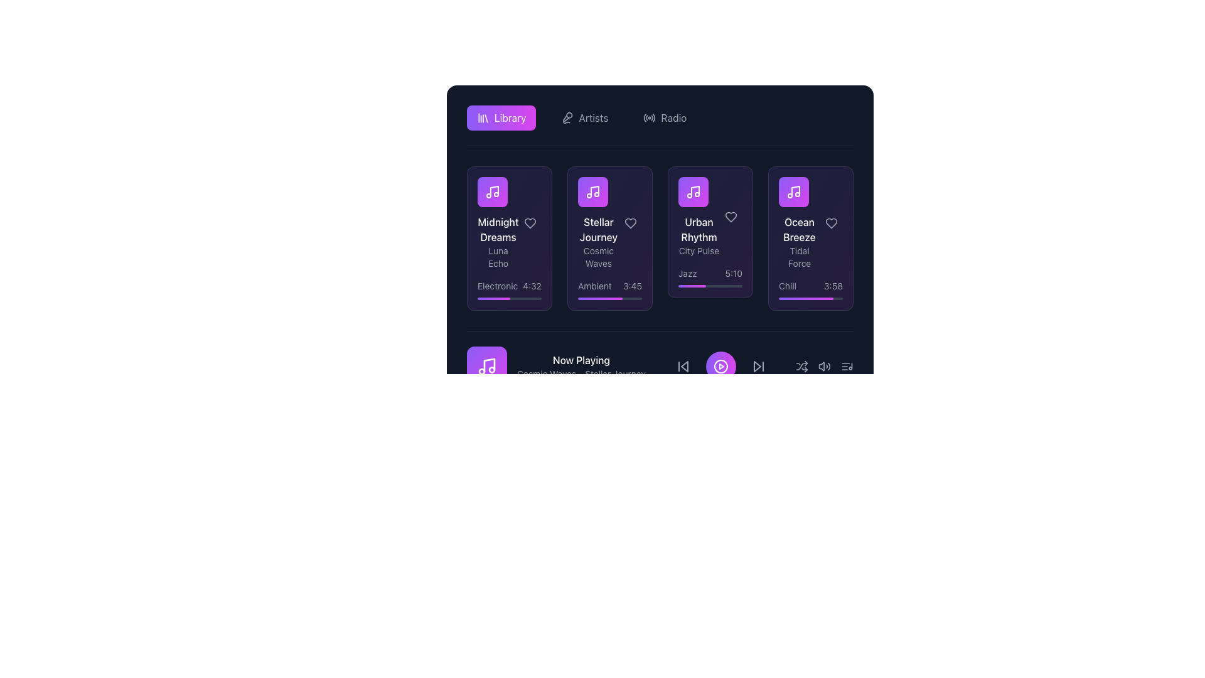 This screenshot has height=678, width=1205. What do you see at coordinates (630, 222) in the screenshot?
I see `the heart-shaped icon representing the favorite button on the song 'Stellar Journey' to potentially see a tooltip or highlight effect` at bounding box center [630, 222].